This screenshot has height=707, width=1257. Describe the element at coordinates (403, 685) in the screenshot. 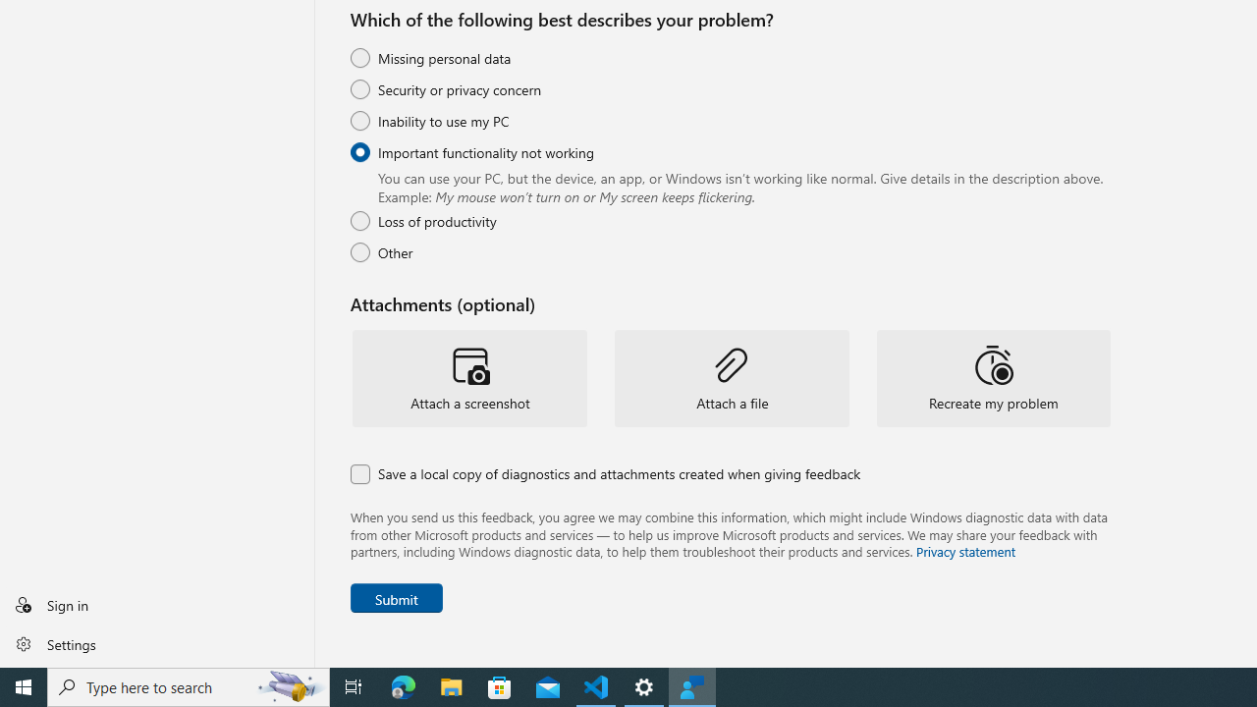

I see `'Microsoft Edge'` at that location.